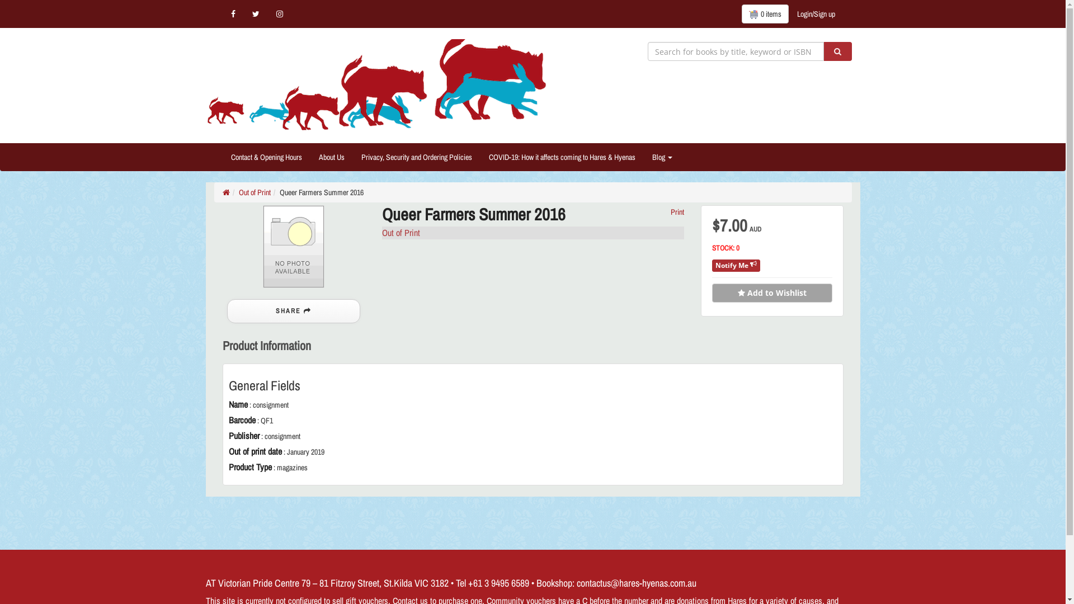  Describe the element at coordinates (816, 13) in the screenshot. I see `'Login/Sign up'` at that location.